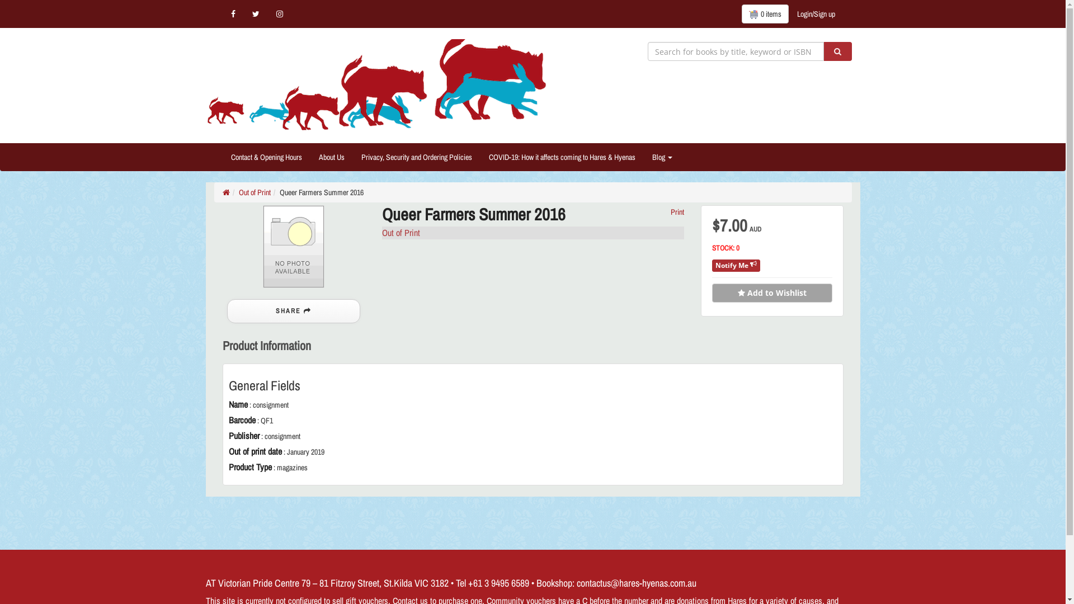  Describe the element at coordinates (816, 13) in the screenshot. I see `'Login/Sign up'` at that location.